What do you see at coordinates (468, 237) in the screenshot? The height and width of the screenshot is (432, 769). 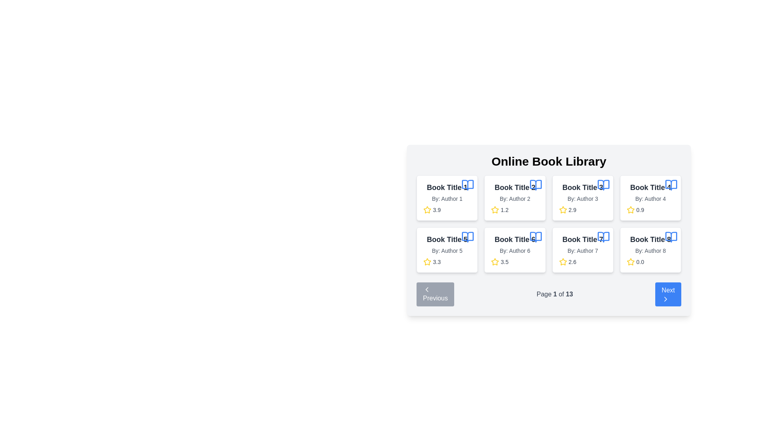 I see `the blue open-book icon located in the top-right corner of the card containing 'Book Title 5' and 'By: Author 5' for actions` at bounding box center [468, 237].